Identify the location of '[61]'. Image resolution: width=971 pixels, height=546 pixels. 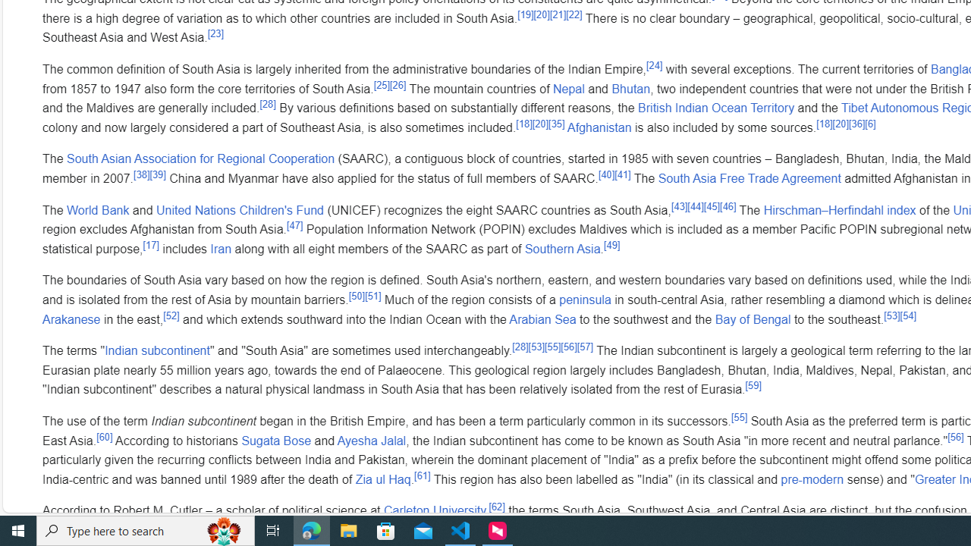
(423, 475).